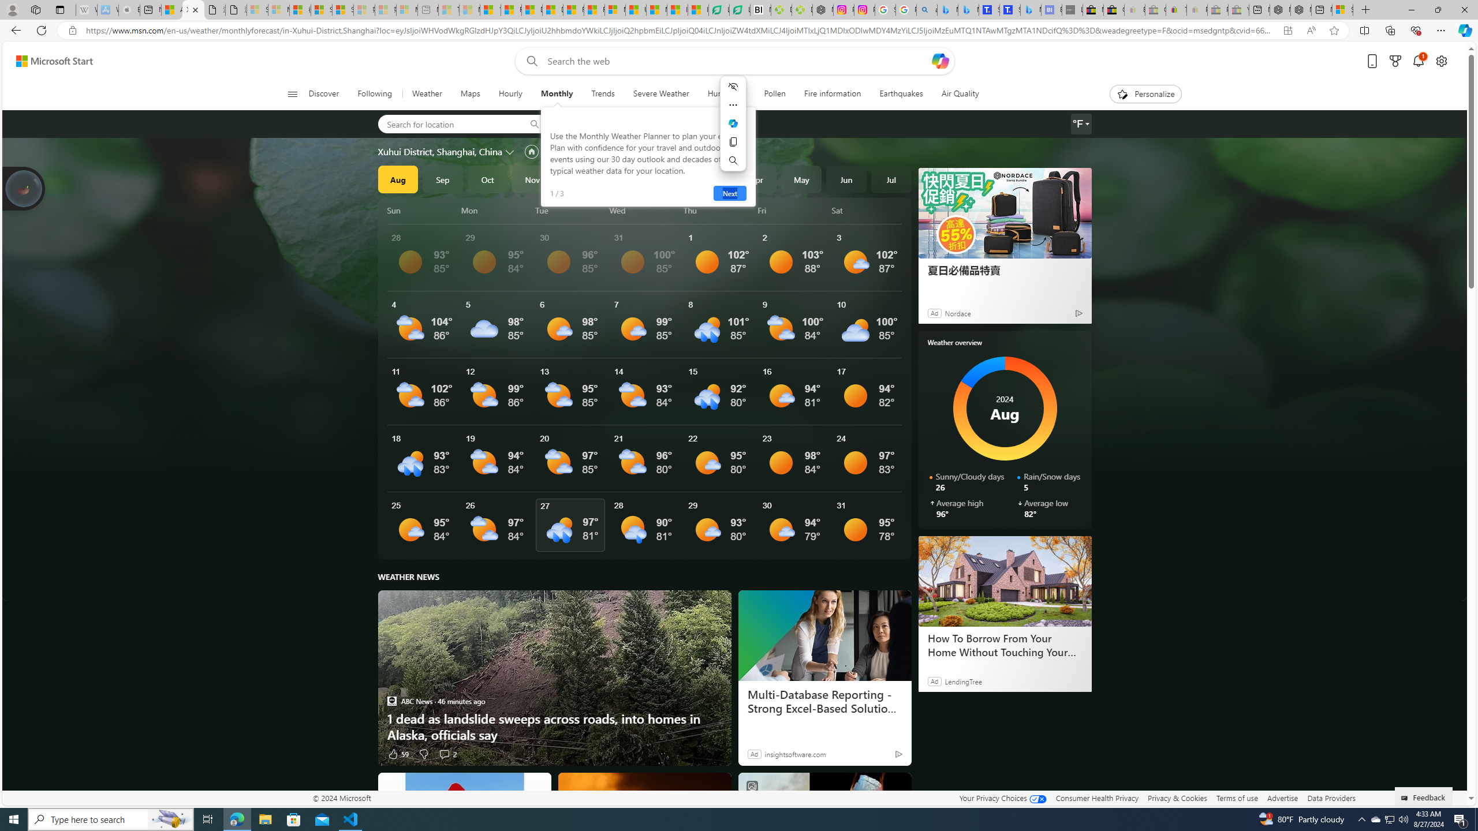  What do you see at coordinates (557, 93) in the screenshot?
I see `'Monthly'` at bounding box center [557, 93].